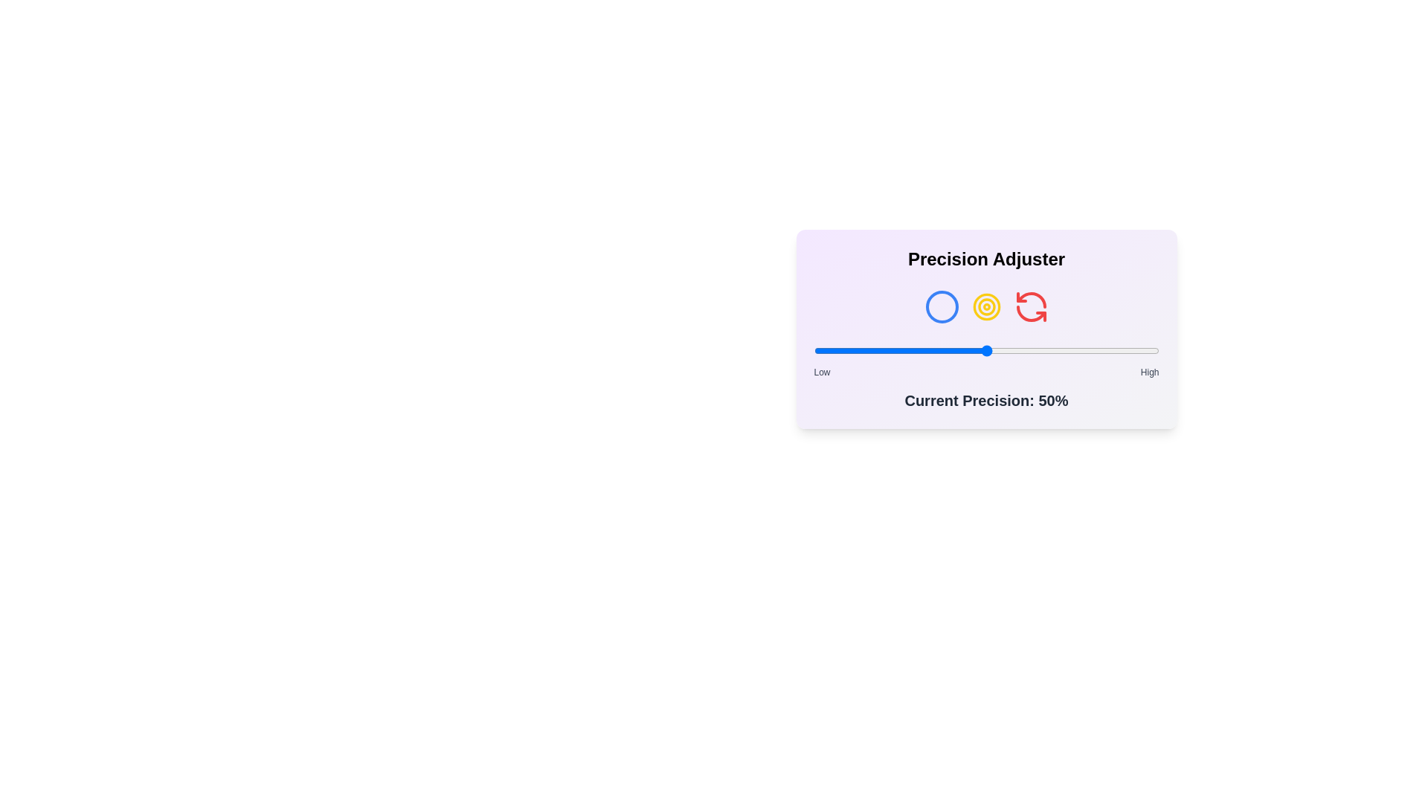 Image resolution: width=1428 pixels, height=803 pixels. What do you see at coordinates (986, 306) in the screenshot?
I see `the target icon in the Precision Selector component` at bounding box center [986, 306].